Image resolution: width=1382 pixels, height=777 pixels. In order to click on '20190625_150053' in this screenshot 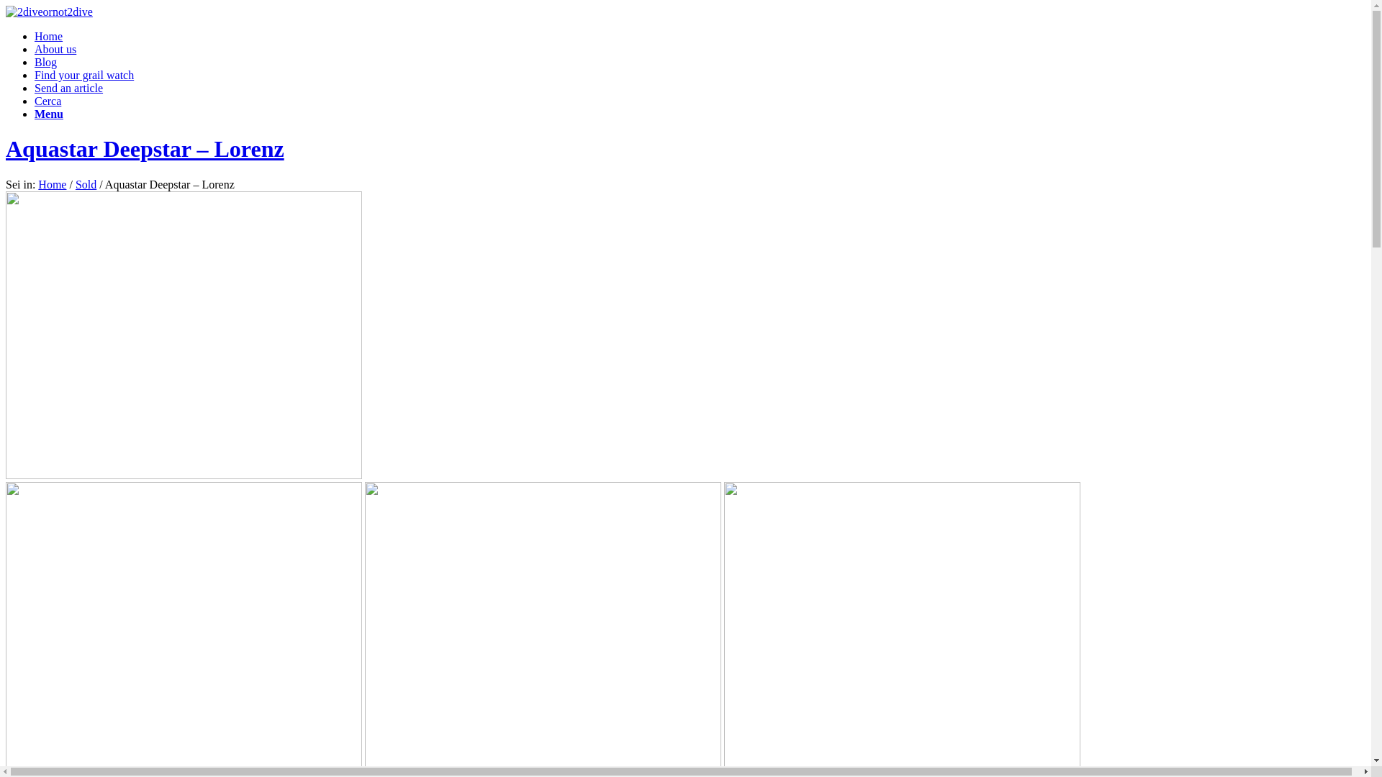, I will do `click(901, 625)`.